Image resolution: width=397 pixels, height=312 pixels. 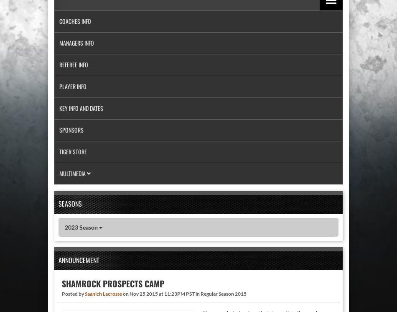 What do you see at coordinates (73, 86) in the screenshot?
I see `'Player Info'` at bounding box center [73, 86].